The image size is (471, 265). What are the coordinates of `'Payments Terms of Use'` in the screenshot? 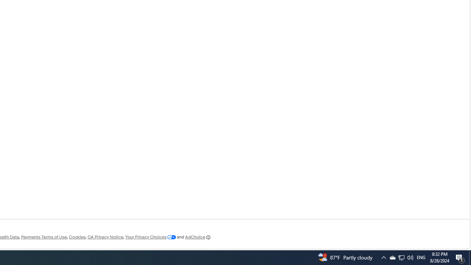 It's located at (43, 237).